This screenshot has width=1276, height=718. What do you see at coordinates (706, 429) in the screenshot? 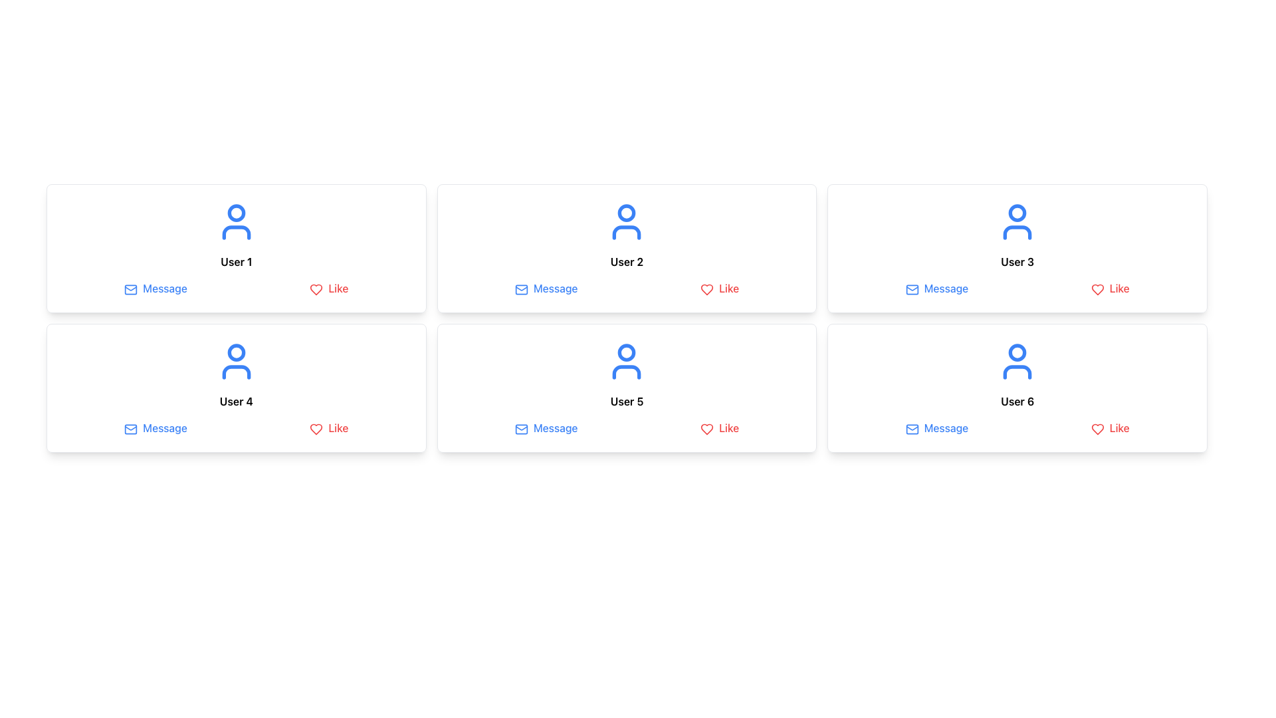
I see `the 'Like' icon in the user profile labeled 'User 5'` at bounding box center [706, 429].